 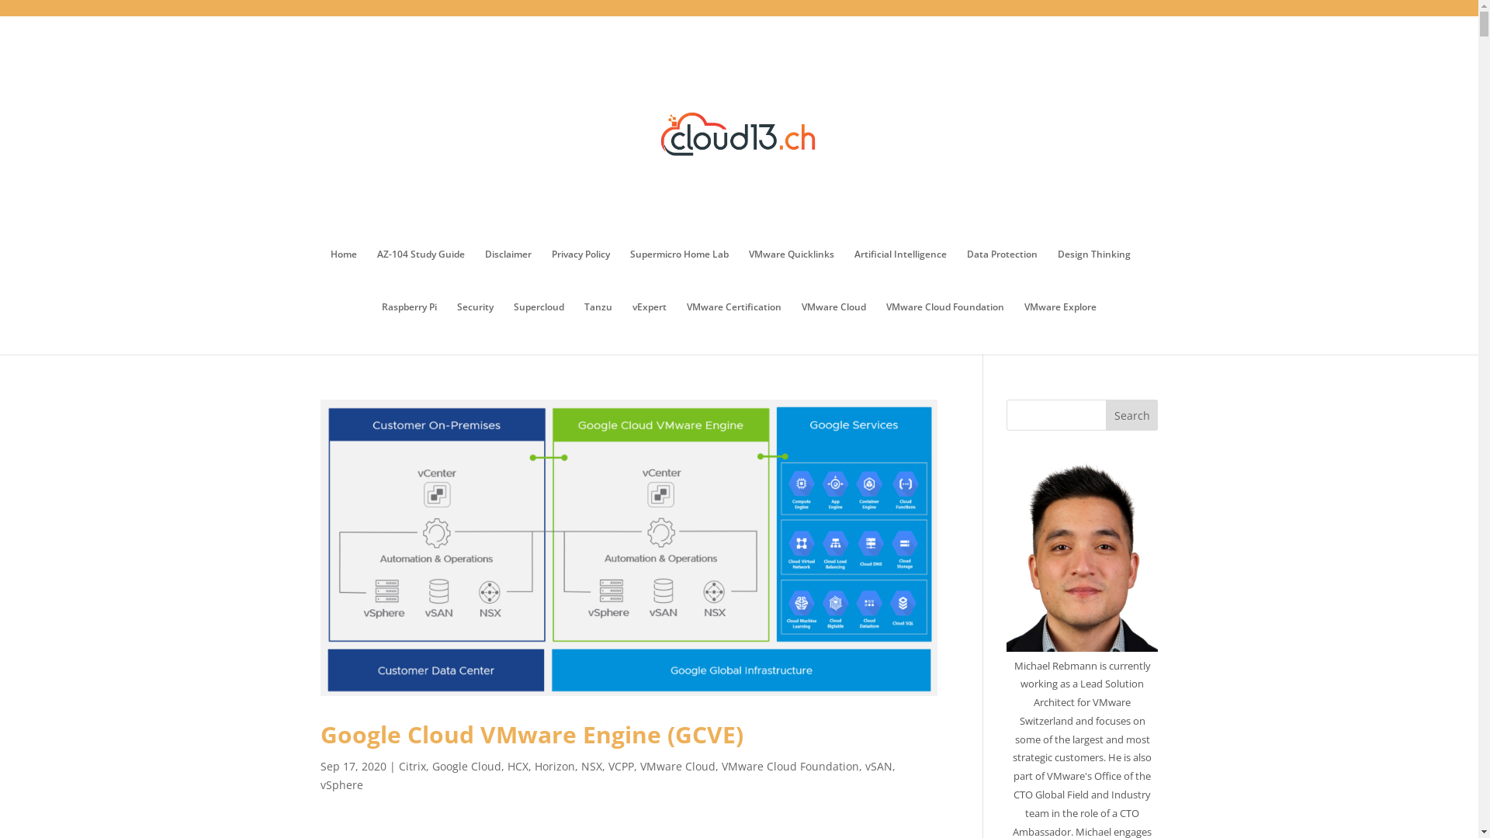 I want to click on 'Raspberry Pi', so click(x=409, y=327).